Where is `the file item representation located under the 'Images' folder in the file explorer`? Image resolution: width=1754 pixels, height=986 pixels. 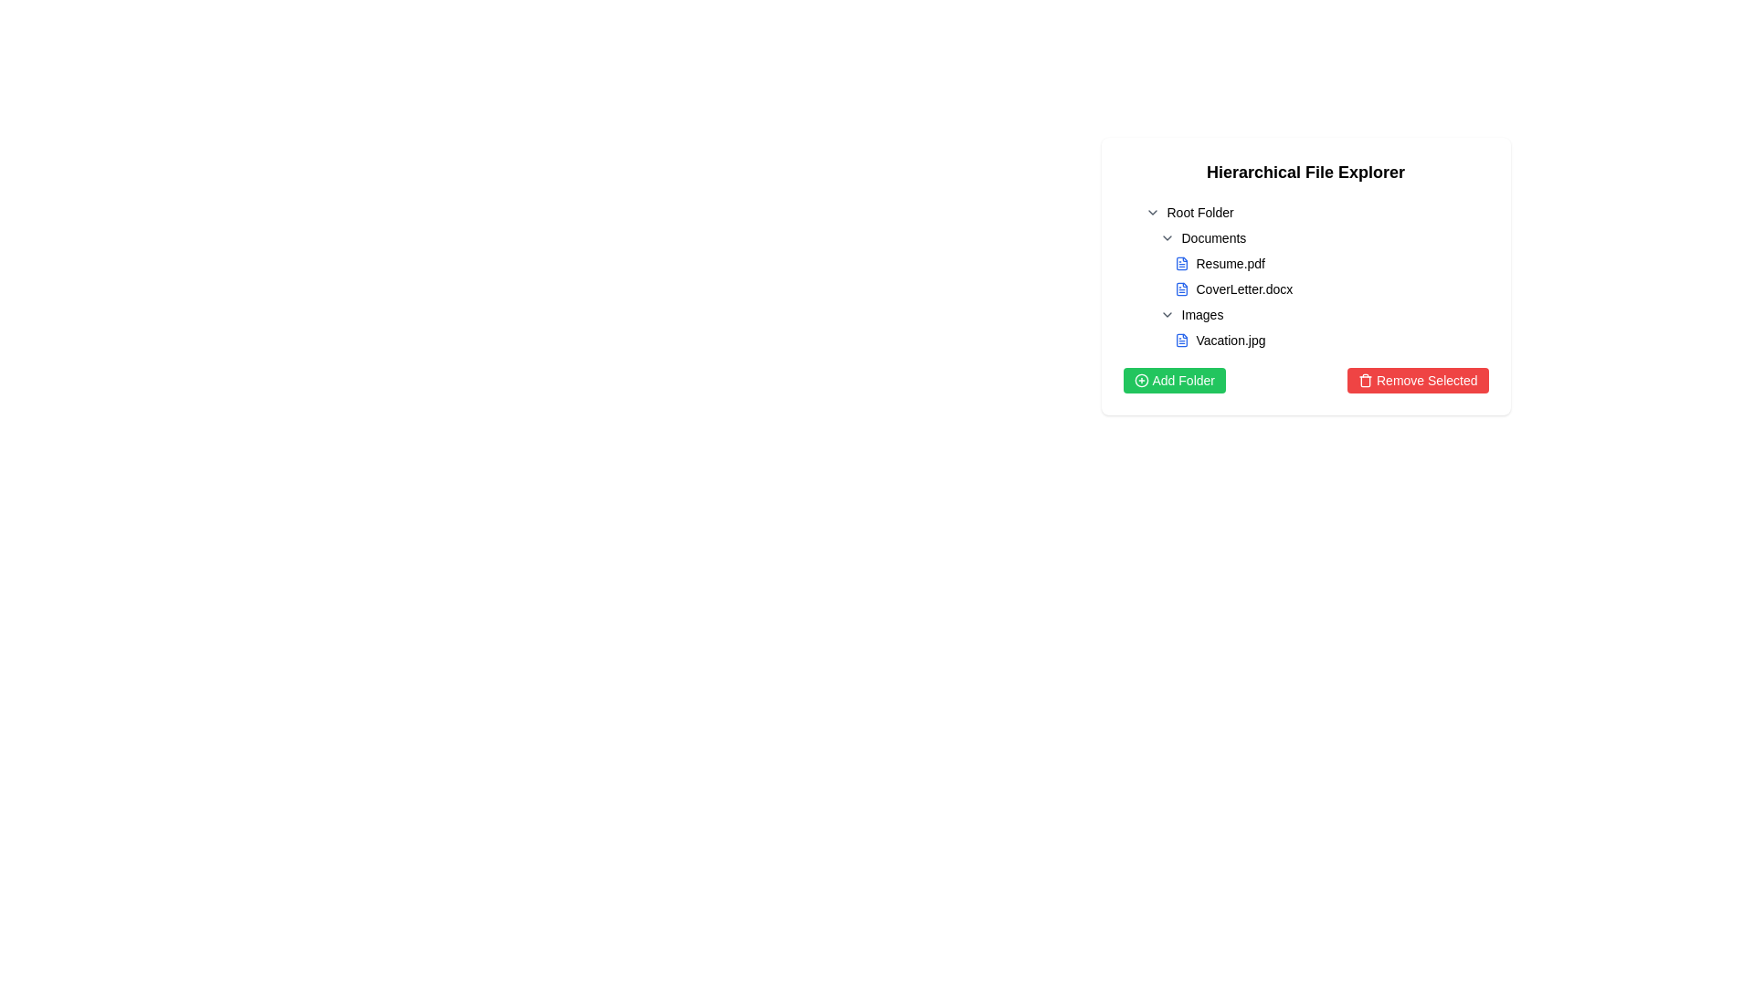
the file item representation located under the 'Images' folder in the file explorer is located at coordinates (1327, 341).